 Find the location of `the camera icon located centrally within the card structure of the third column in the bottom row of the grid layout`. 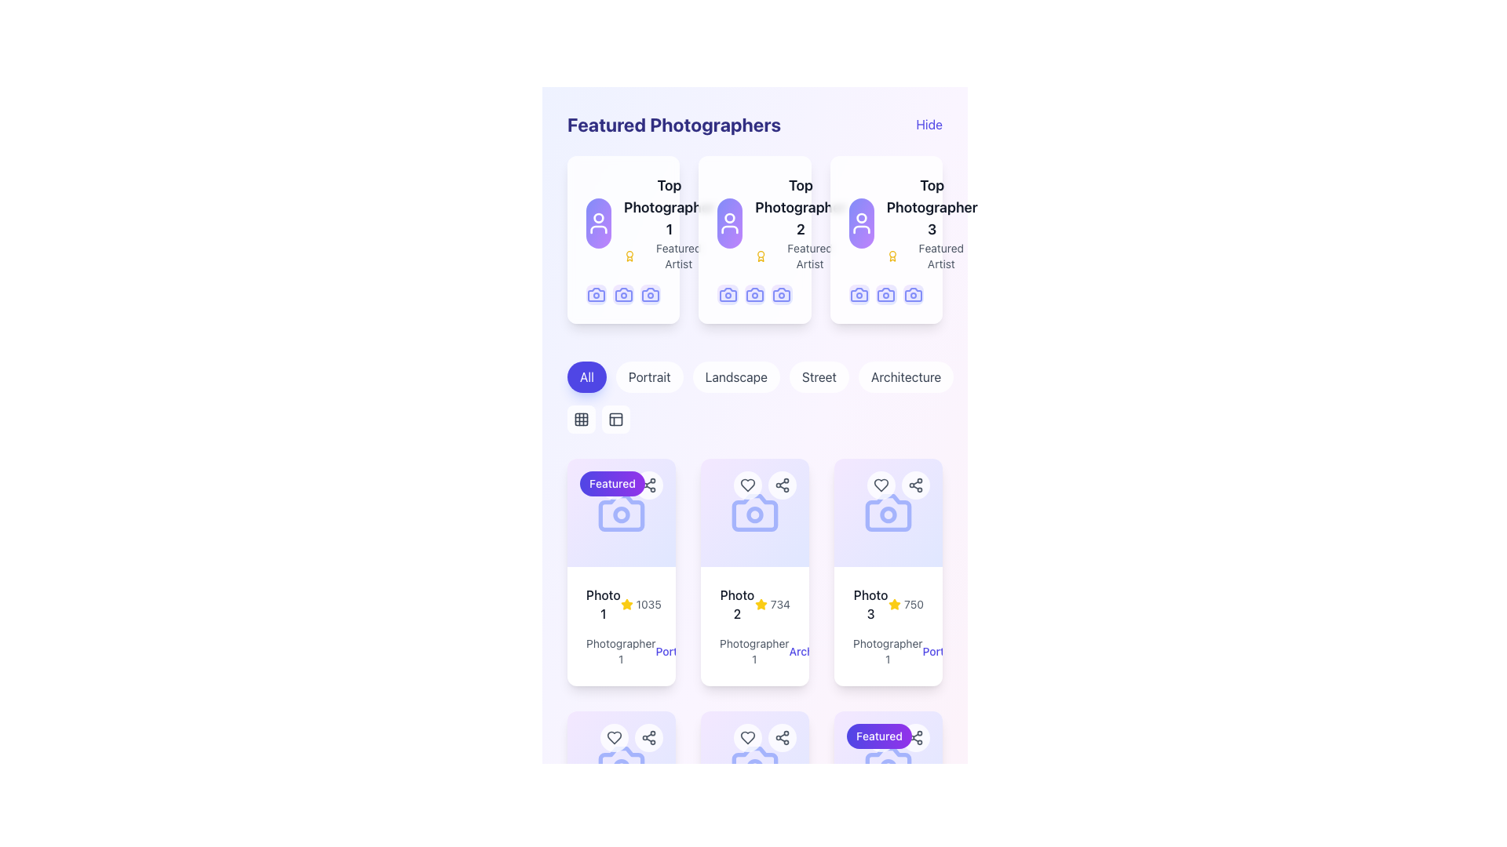

the camera icon located centrally within the card structure of the third column in the bottom row of the grid layout is located at coordinates (754, 764).